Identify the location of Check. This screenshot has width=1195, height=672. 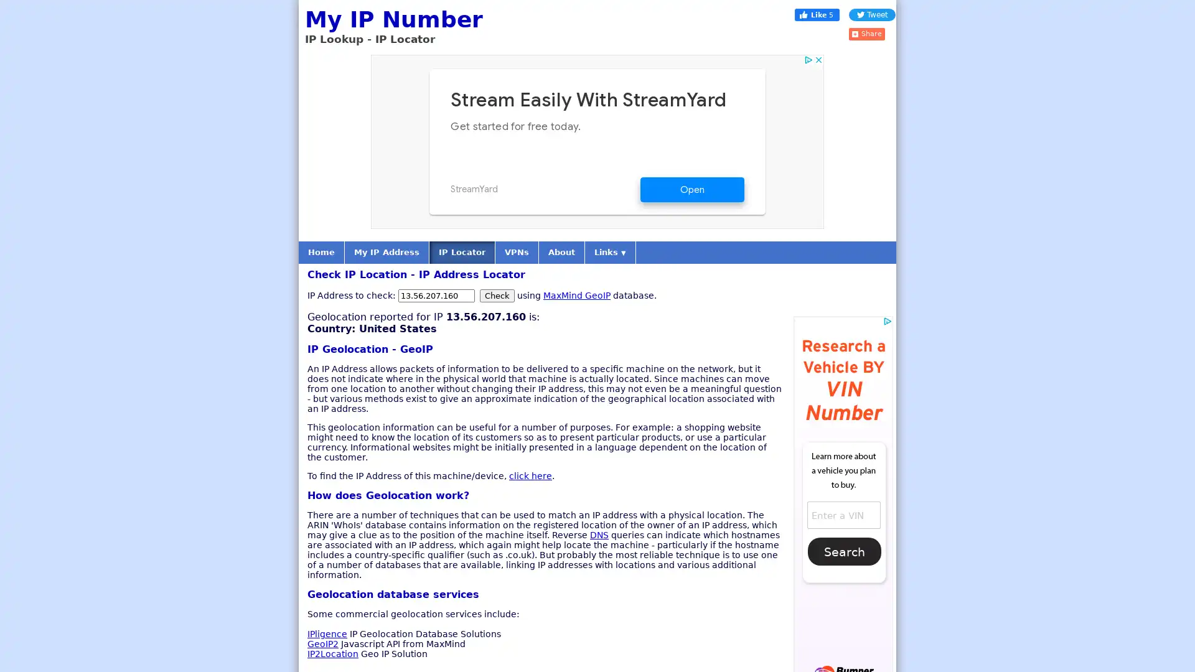
(496, 296).